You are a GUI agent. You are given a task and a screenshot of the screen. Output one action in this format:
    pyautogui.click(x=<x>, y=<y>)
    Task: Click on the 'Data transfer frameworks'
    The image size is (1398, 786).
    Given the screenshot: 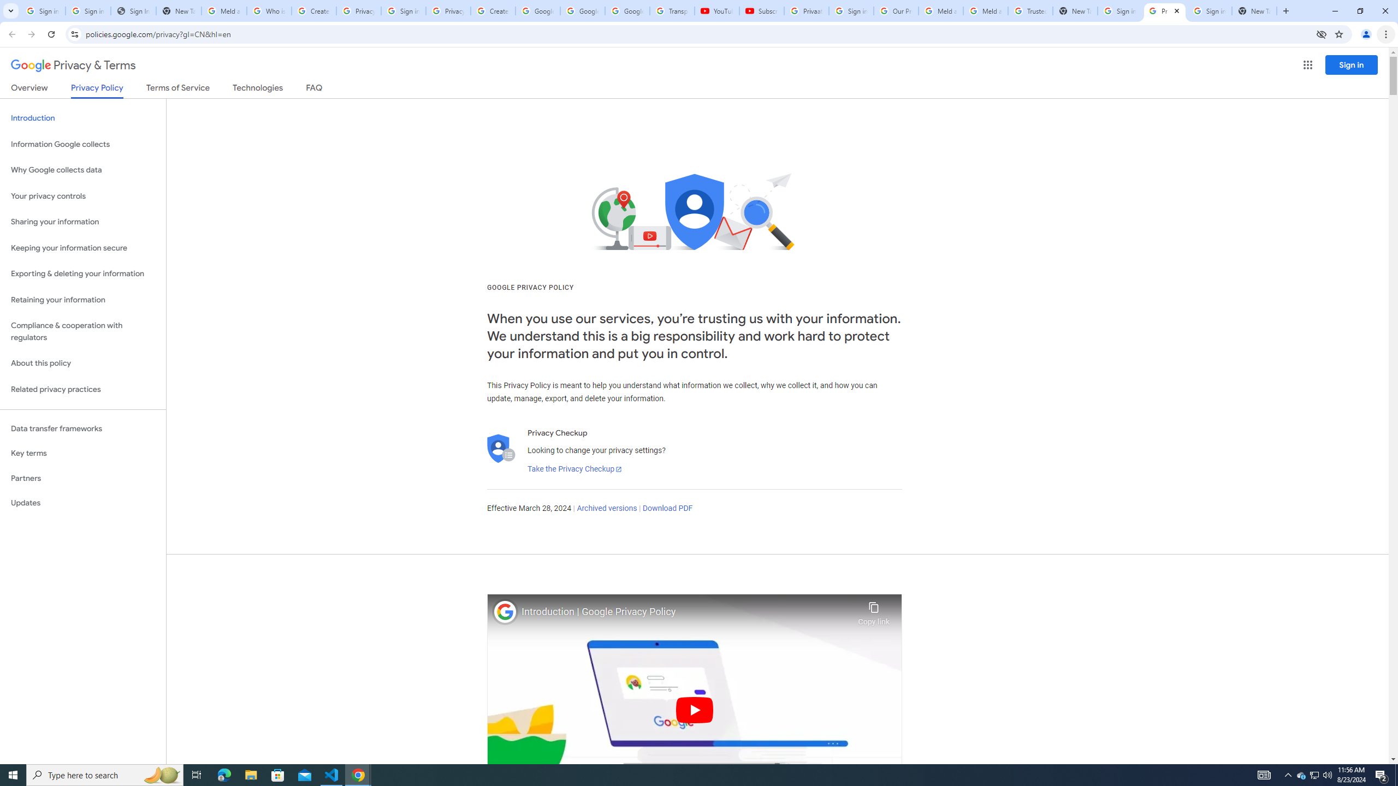 What is the action you would take?
    pyautogui.click(x=82, y=428)
    